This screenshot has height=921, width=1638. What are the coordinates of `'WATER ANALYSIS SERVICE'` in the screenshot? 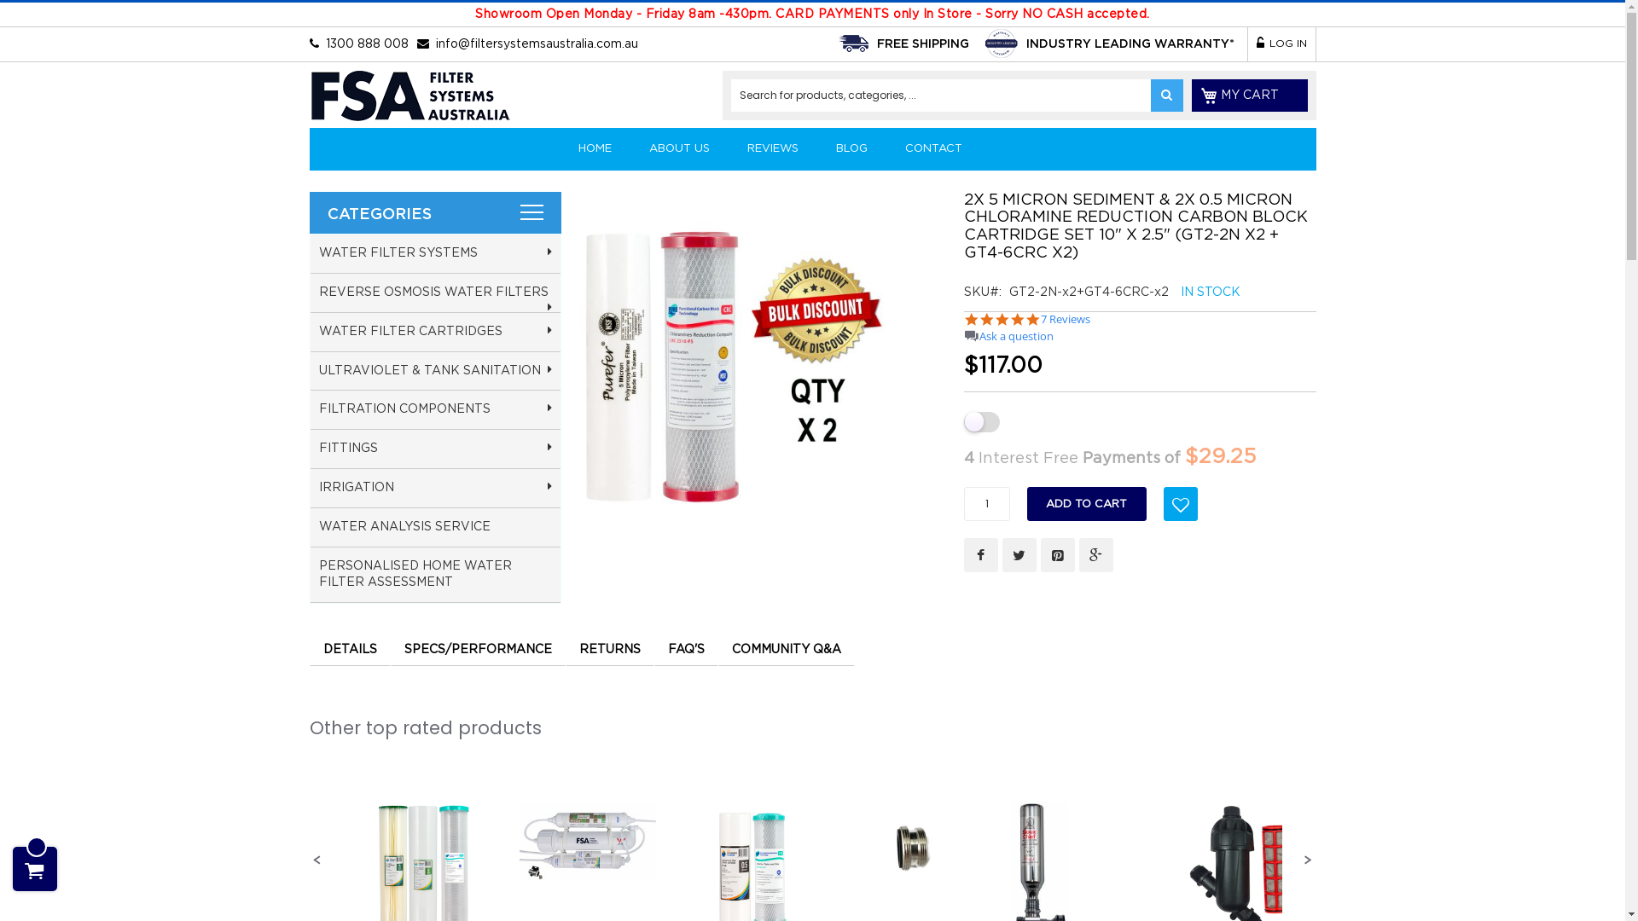 It's located at (435, 526).